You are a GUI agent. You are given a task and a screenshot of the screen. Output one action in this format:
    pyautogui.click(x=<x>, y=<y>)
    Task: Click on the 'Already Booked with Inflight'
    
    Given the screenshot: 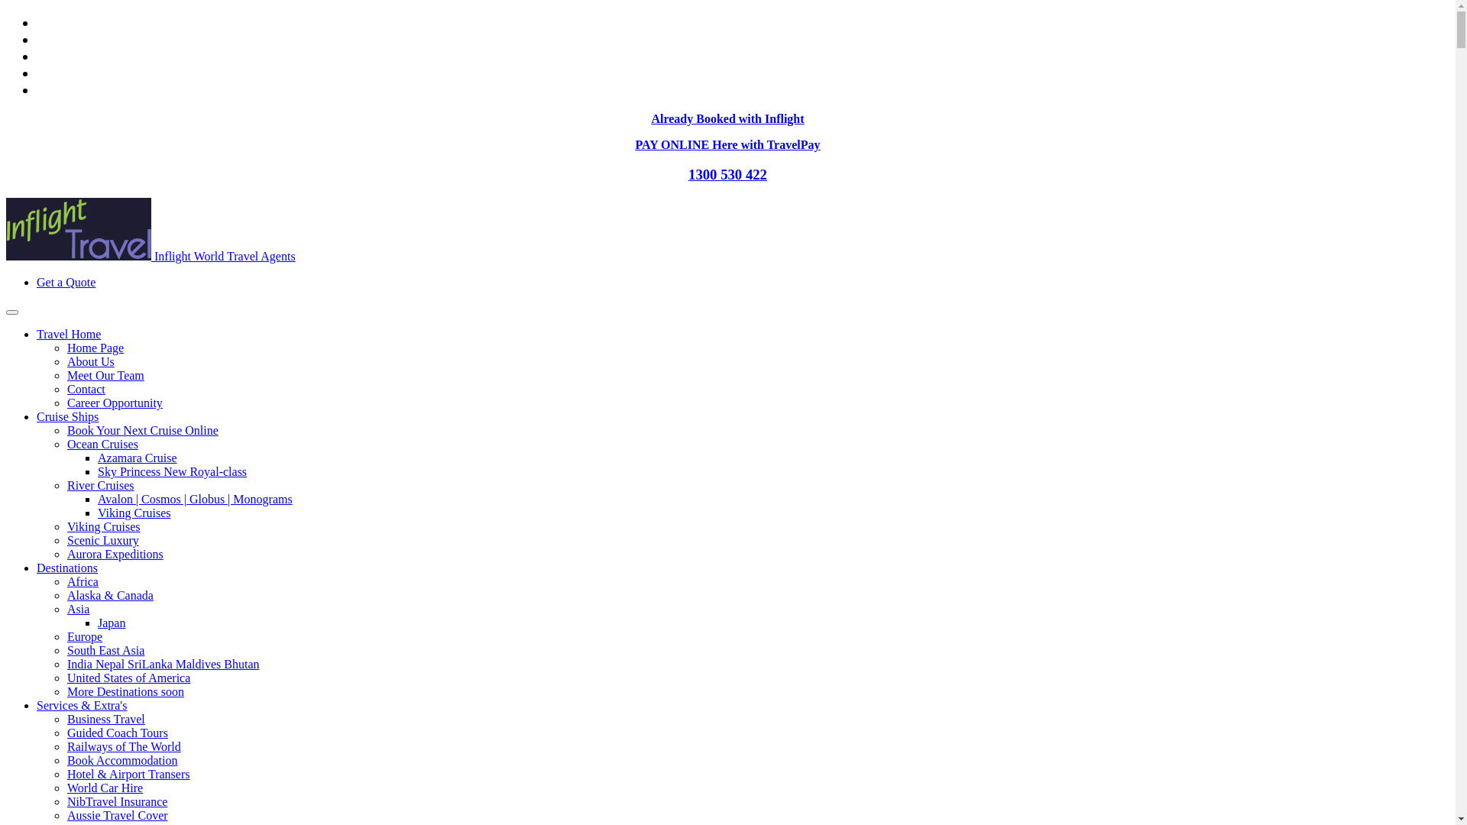 What is the action you would take?
    pyautogui.click(x=726, y=118)
    